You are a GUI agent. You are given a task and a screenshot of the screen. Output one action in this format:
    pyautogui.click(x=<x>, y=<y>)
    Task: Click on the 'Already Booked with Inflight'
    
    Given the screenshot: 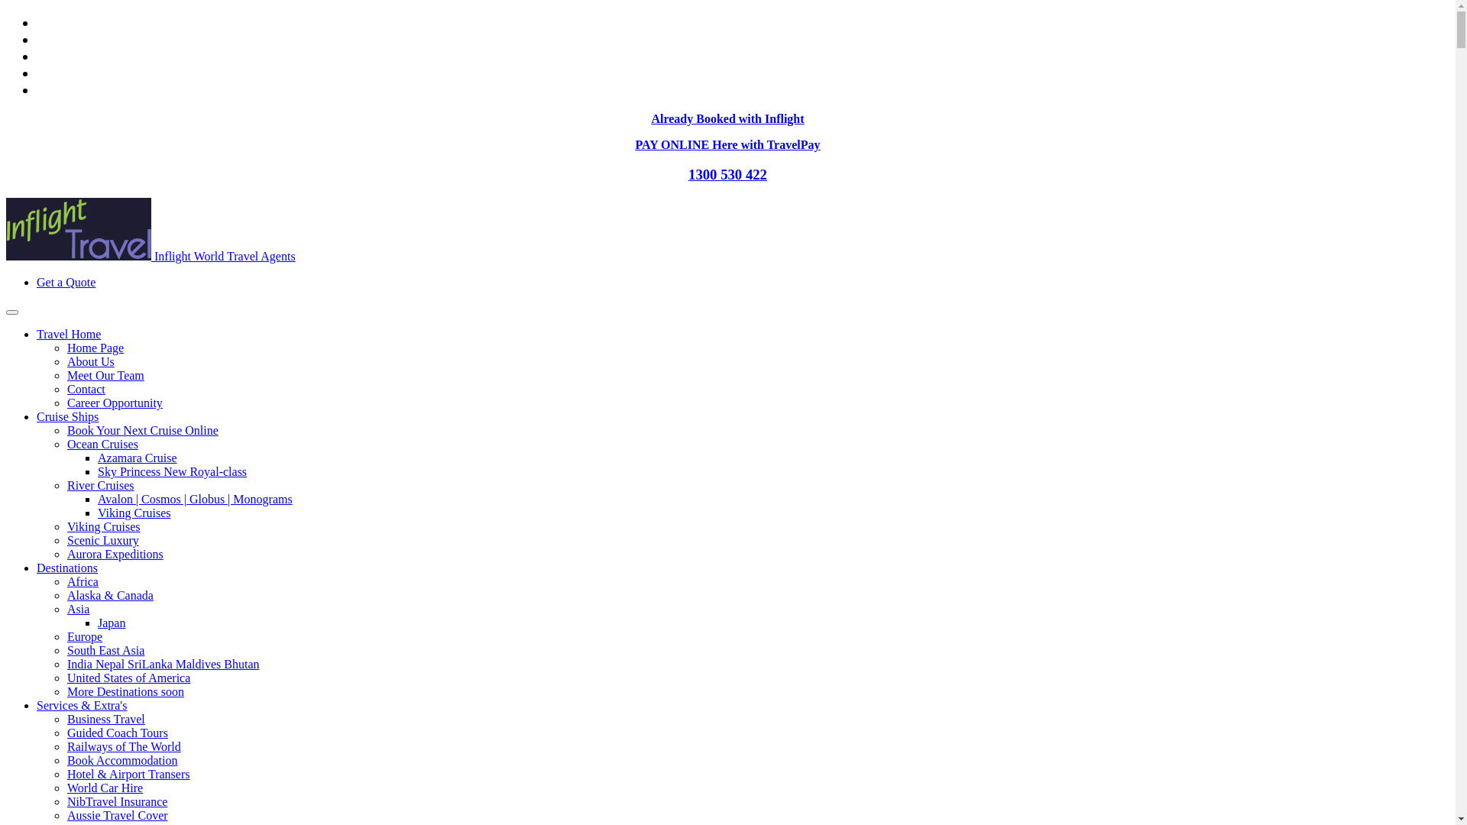 What is the action you would take?
    pyautogui.click(x=726, y=118)
    